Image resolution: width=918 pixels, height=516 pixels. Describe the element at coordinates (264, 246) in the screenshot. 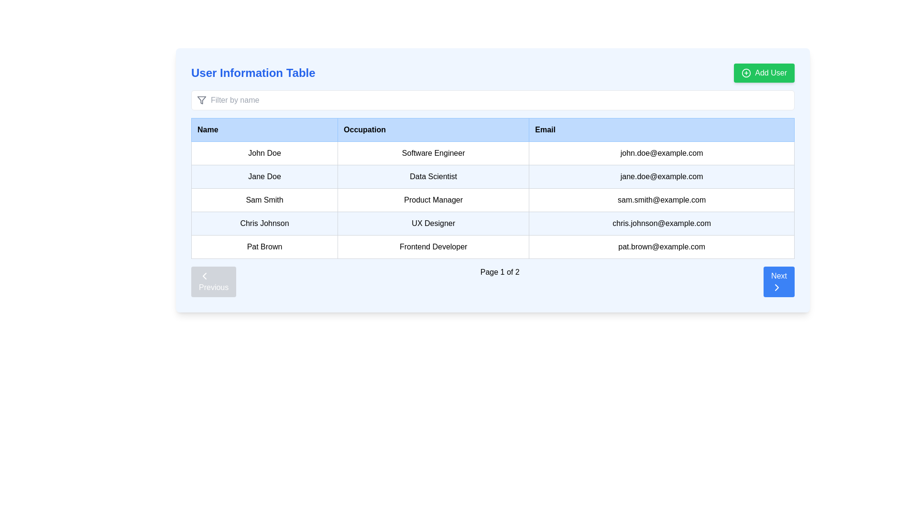

I see `text content of the rectangular text label that displays 'Pat Brown', located in the first cell of the last row under the 'Name' column in the table-like structure` at that location.